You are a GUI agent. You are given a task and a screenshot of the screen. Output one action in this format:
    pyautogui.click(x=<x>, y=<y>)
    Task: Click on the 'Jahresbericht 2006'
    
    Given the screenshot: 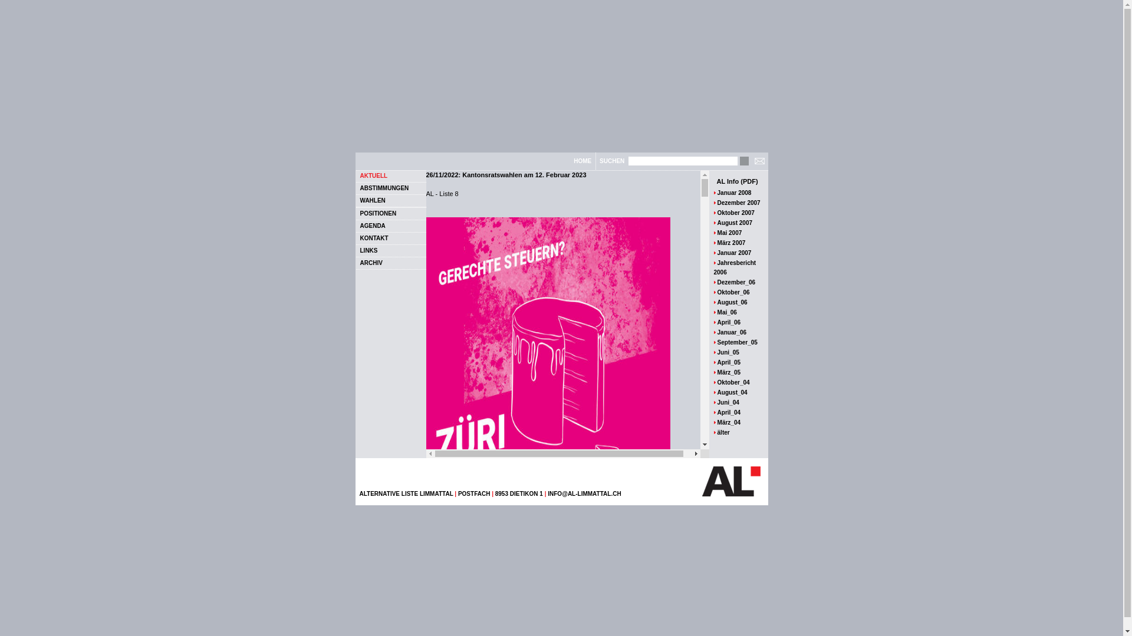 What is the action you would take?
    pyautogui.click(x=734, y=267)
    